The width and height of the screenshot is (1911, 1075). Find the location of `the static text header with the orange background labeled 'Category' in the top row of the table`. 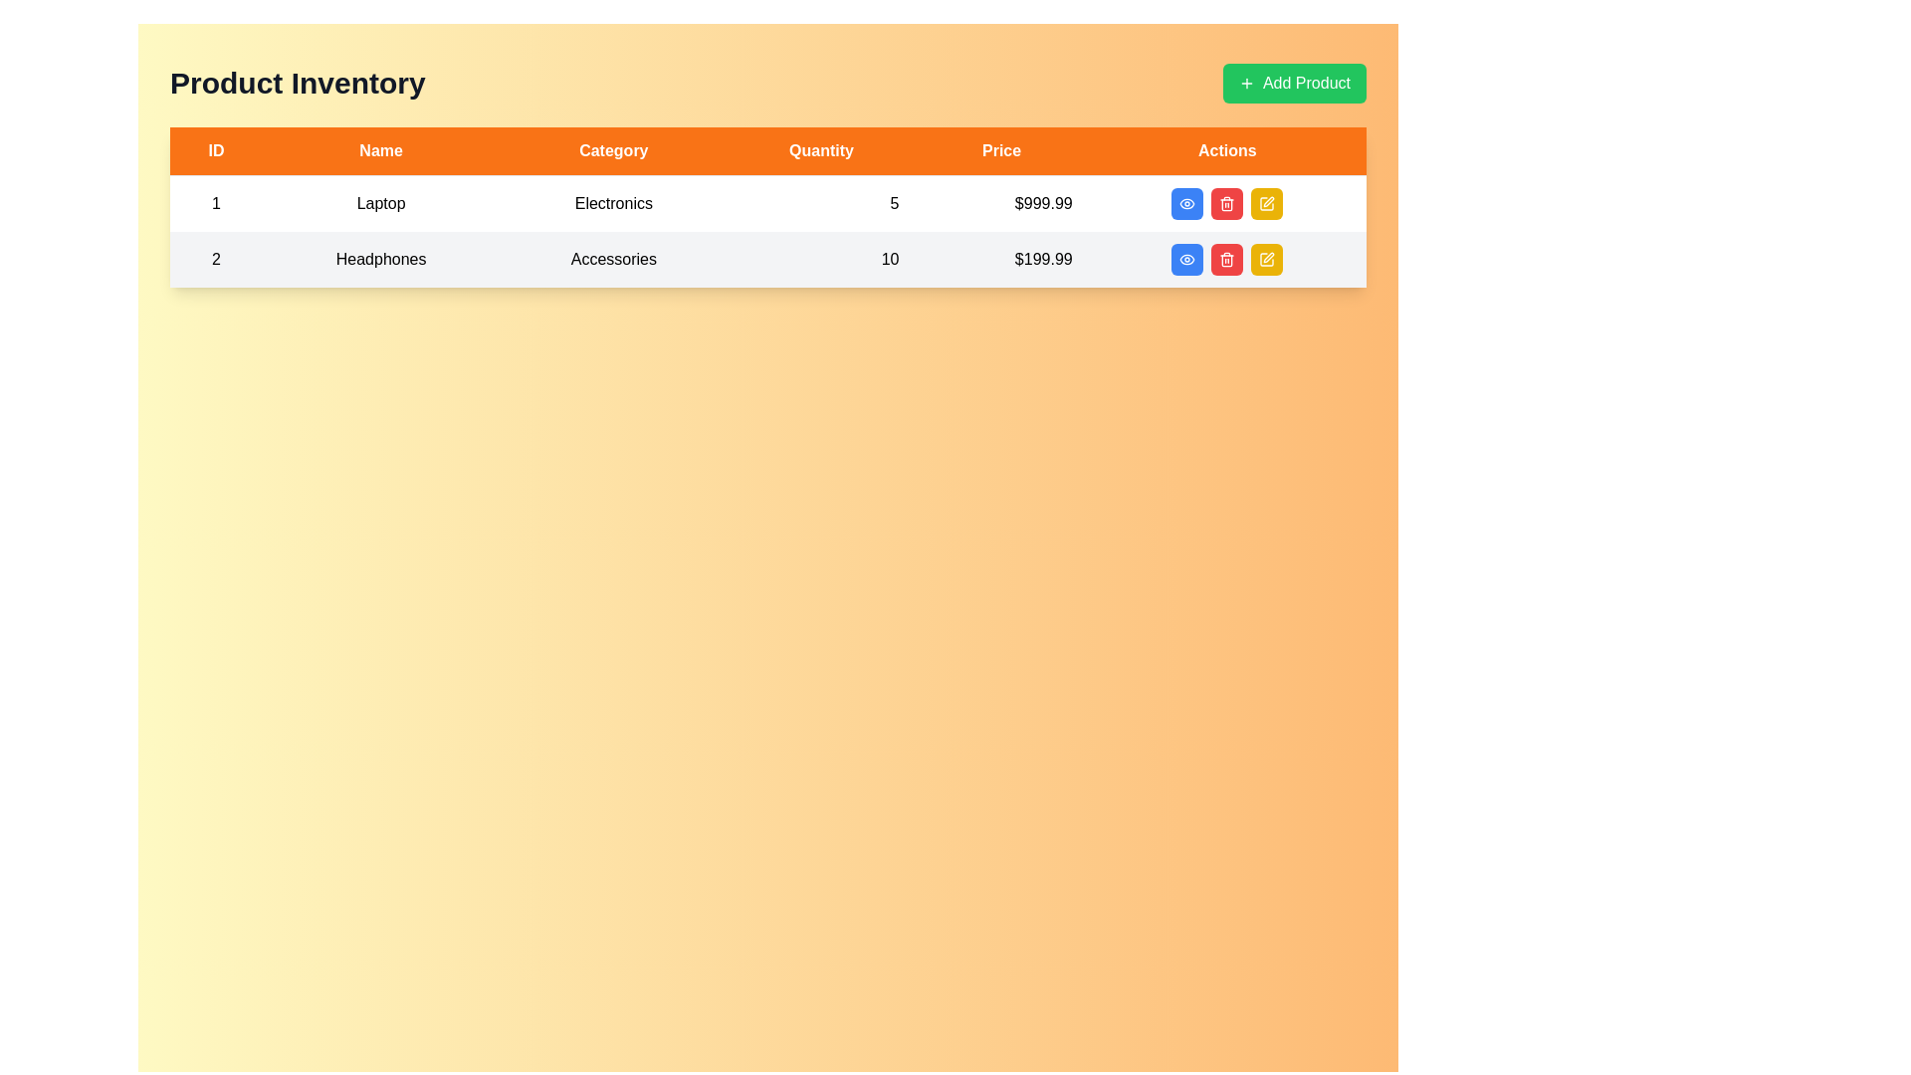

the static text header with the orange background labeled 'Category' in the top row of the table is located at coordinates (612, 150).